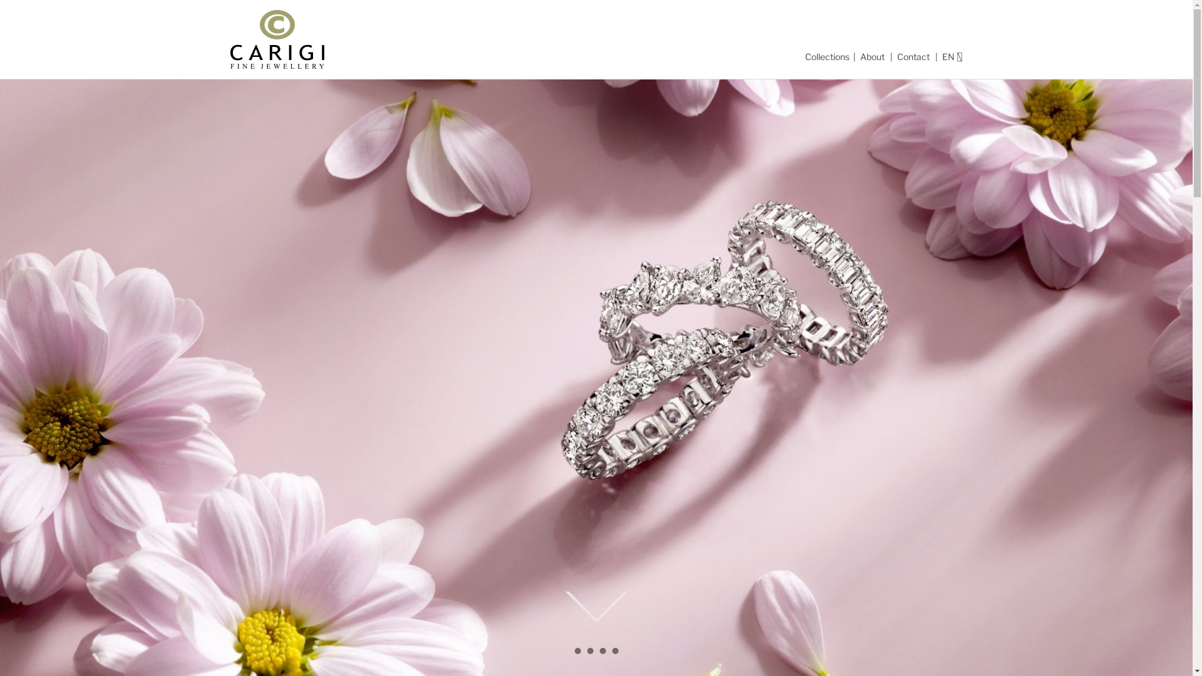  Describe the element at coordinates (576, 653) in the screenshot. I see `'1'` at that location.